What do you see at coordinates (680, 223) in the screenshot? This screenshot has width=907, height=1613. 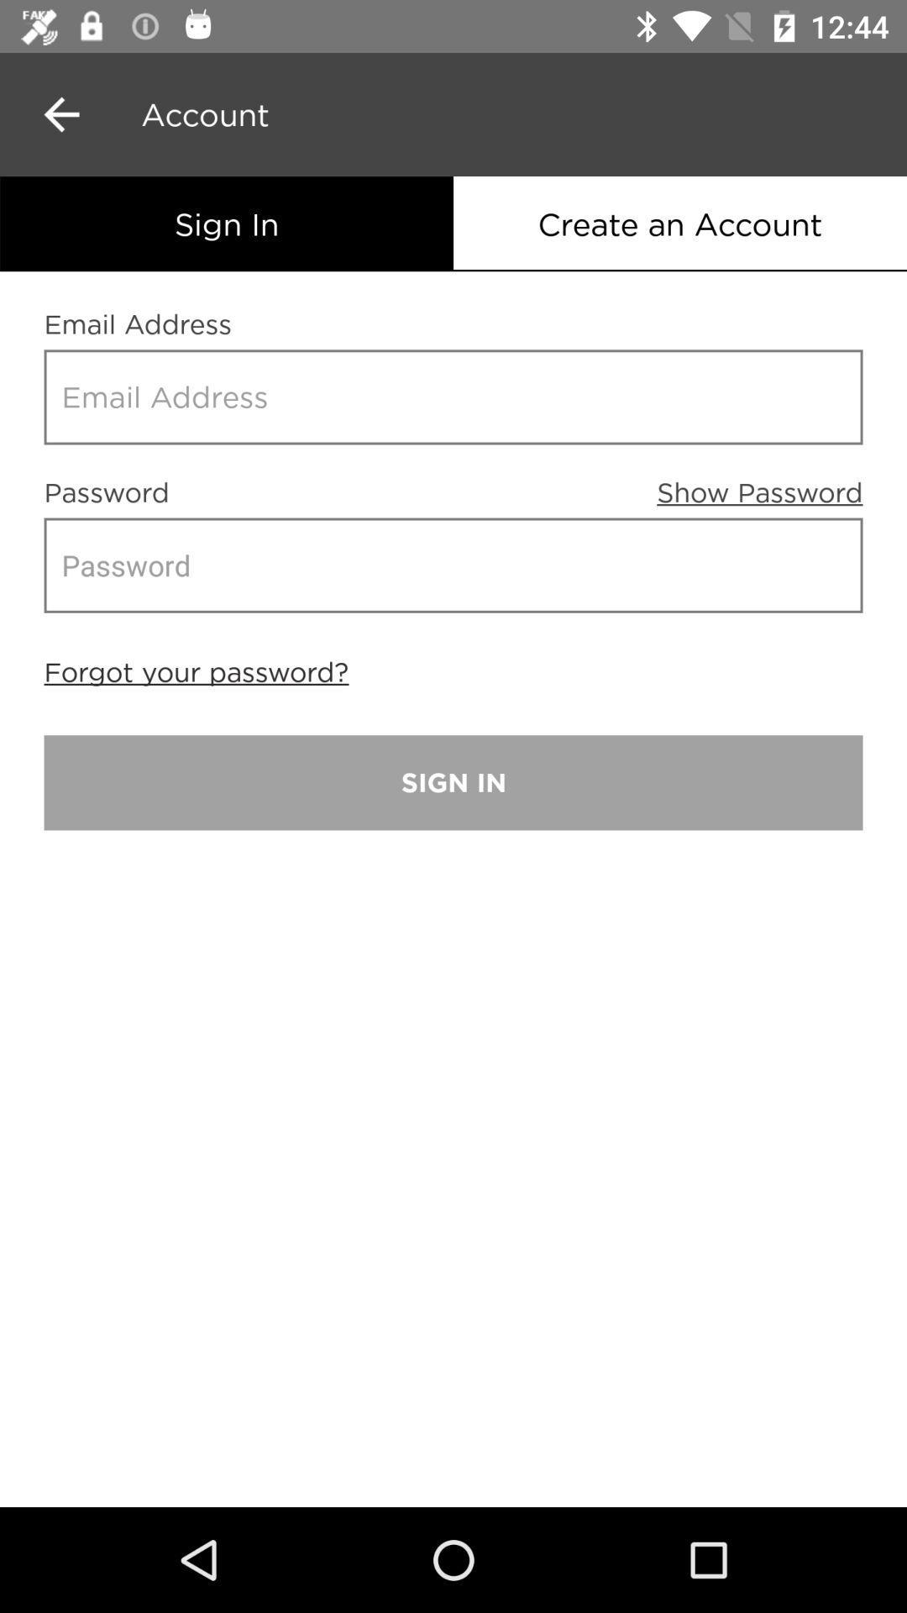 I see `create an account` at bounding box center [680, 223].